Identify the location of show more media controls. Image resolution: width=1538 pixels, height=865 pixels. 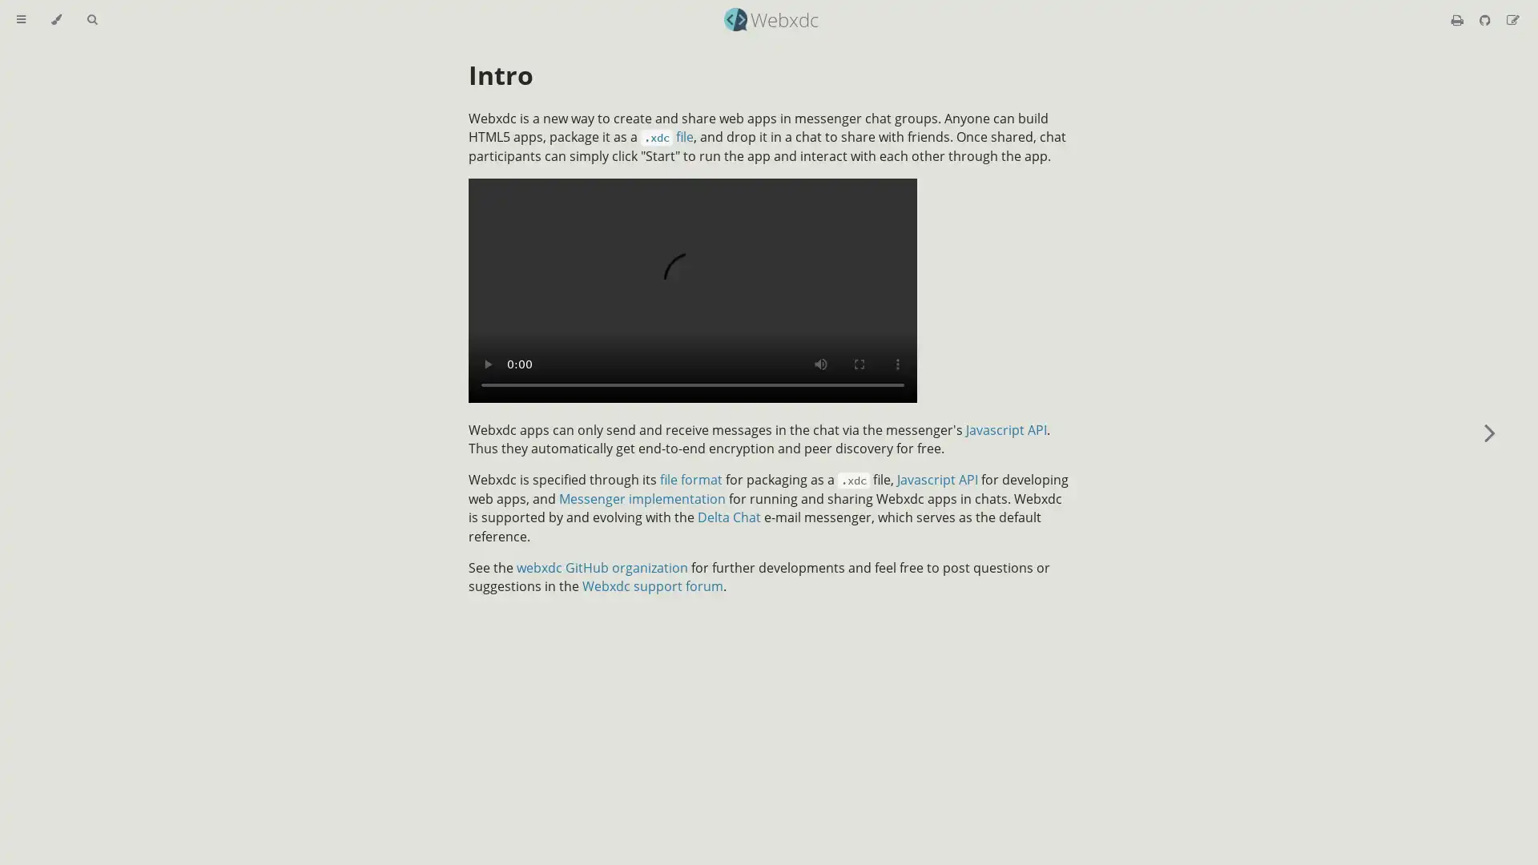
(898, 364).